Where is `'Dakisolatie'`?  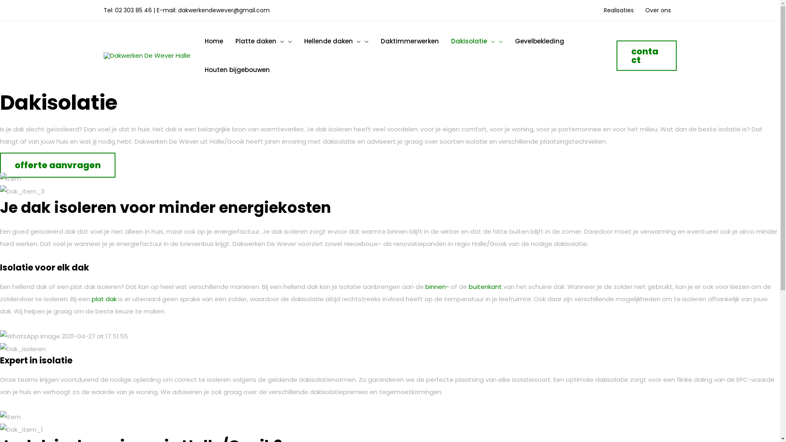
'Dakisolatie' is located at coordinates (476, 41).